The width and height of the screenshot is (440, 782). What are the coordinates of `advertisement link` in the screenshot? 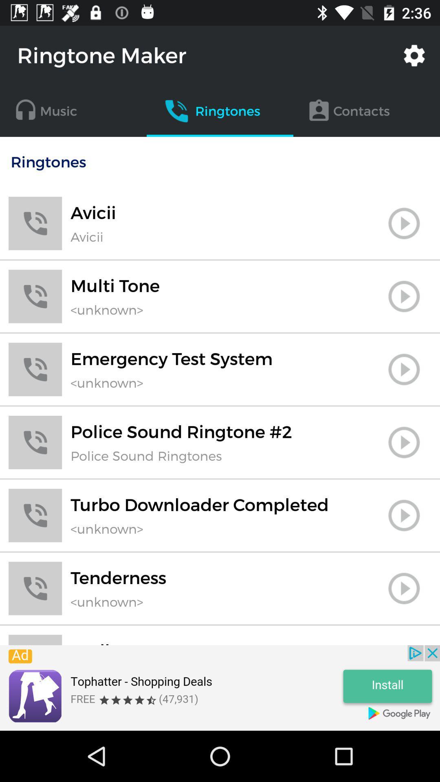 It's located at (220, 688).